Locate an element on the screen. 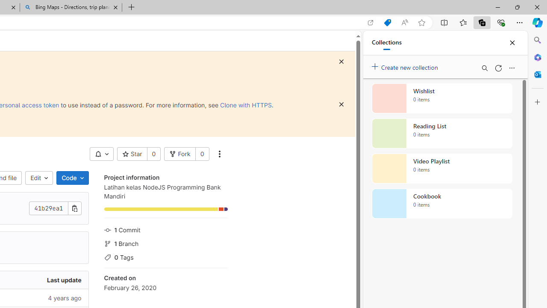  'Microsoft 365' is located at coordinates (537, 57).